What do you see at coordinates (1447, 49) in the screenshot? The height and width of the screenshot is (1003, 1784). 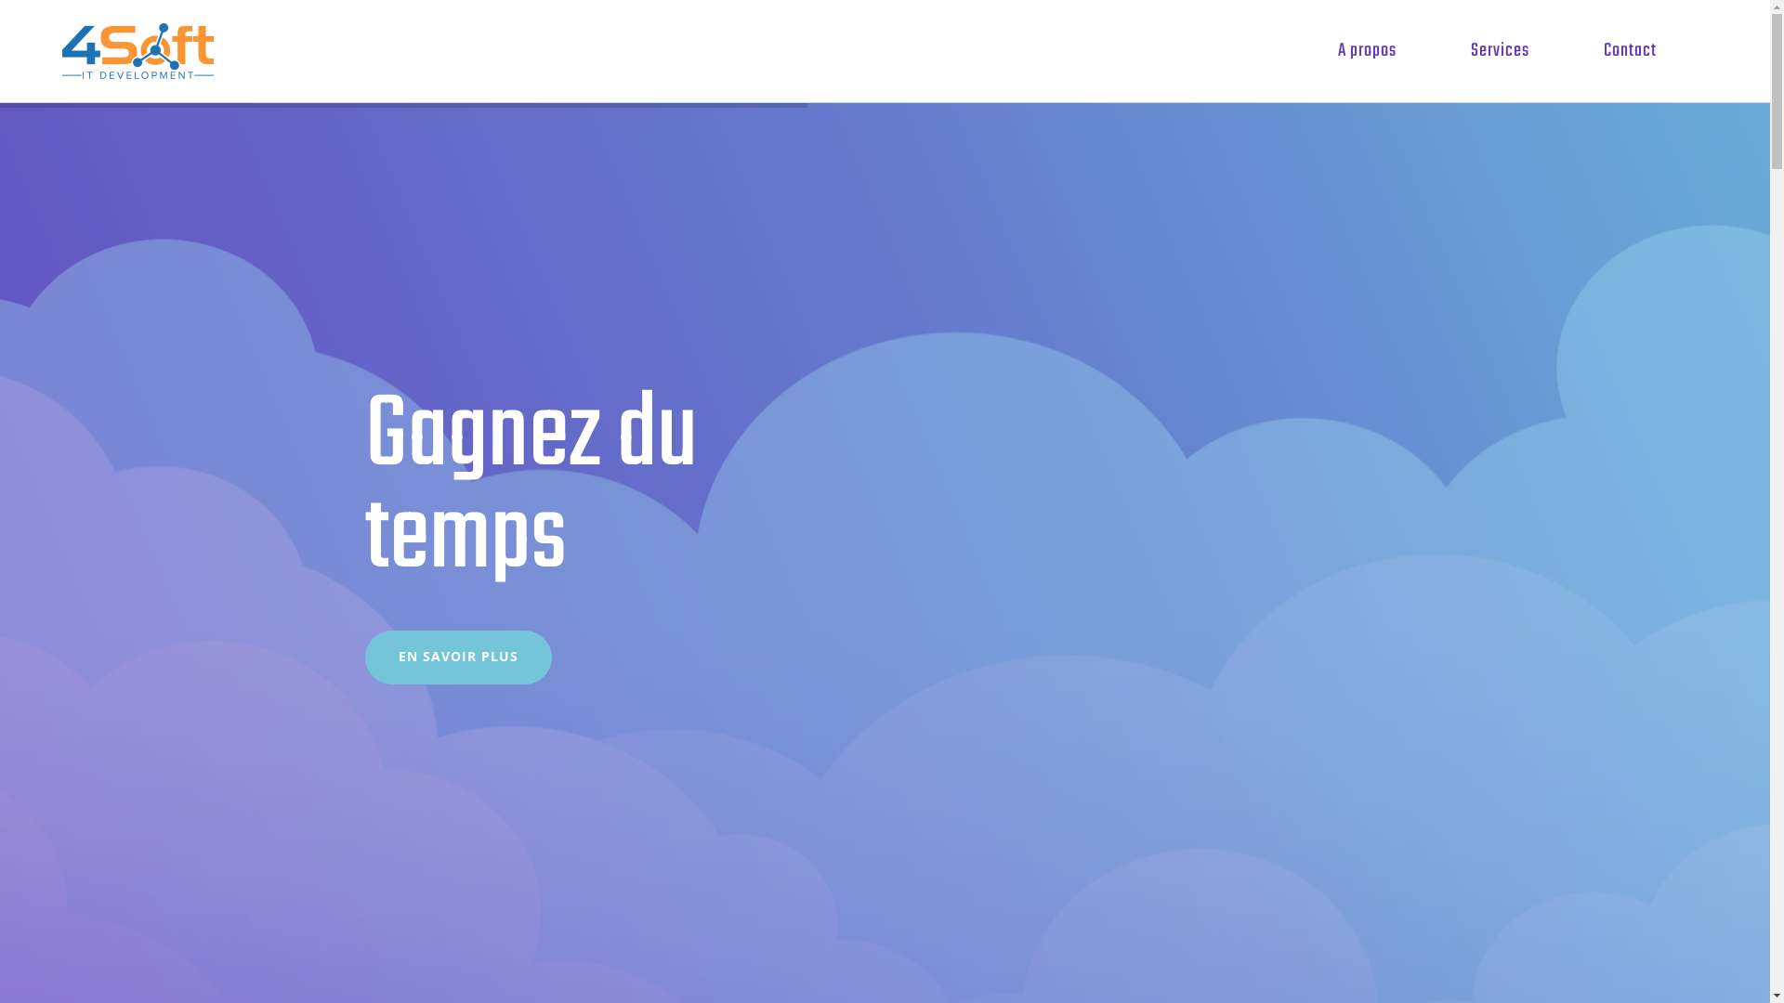 I see `'Services'` at bounding box center [1447, 49].